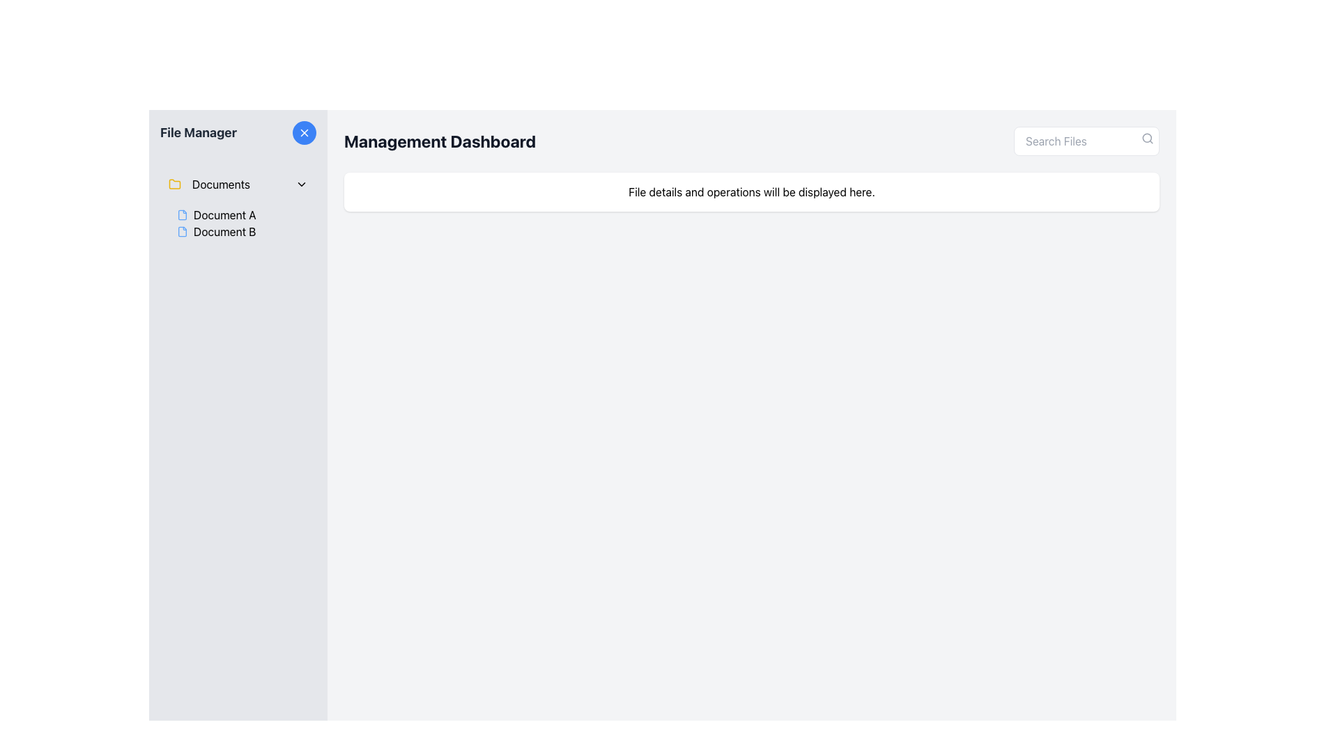  Describe the element at coordinates (238, 184) in the screenshot. I see `the Collapsible List Header labeled 'Documents' in the File Manager section to indicate interactivity` at that location.